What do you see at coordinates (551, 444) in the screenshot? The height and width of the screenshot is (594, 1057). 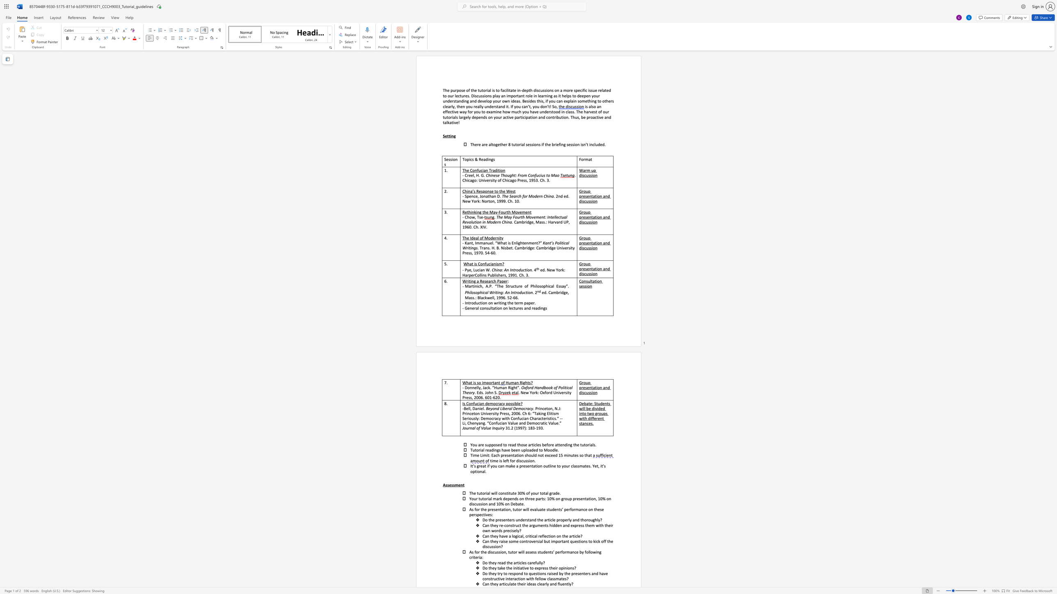 I see `the subset text "e attending the tutorials." within the text "You are supposed to read those articles before attending the tutorials."` at bounding box center [551, 444].